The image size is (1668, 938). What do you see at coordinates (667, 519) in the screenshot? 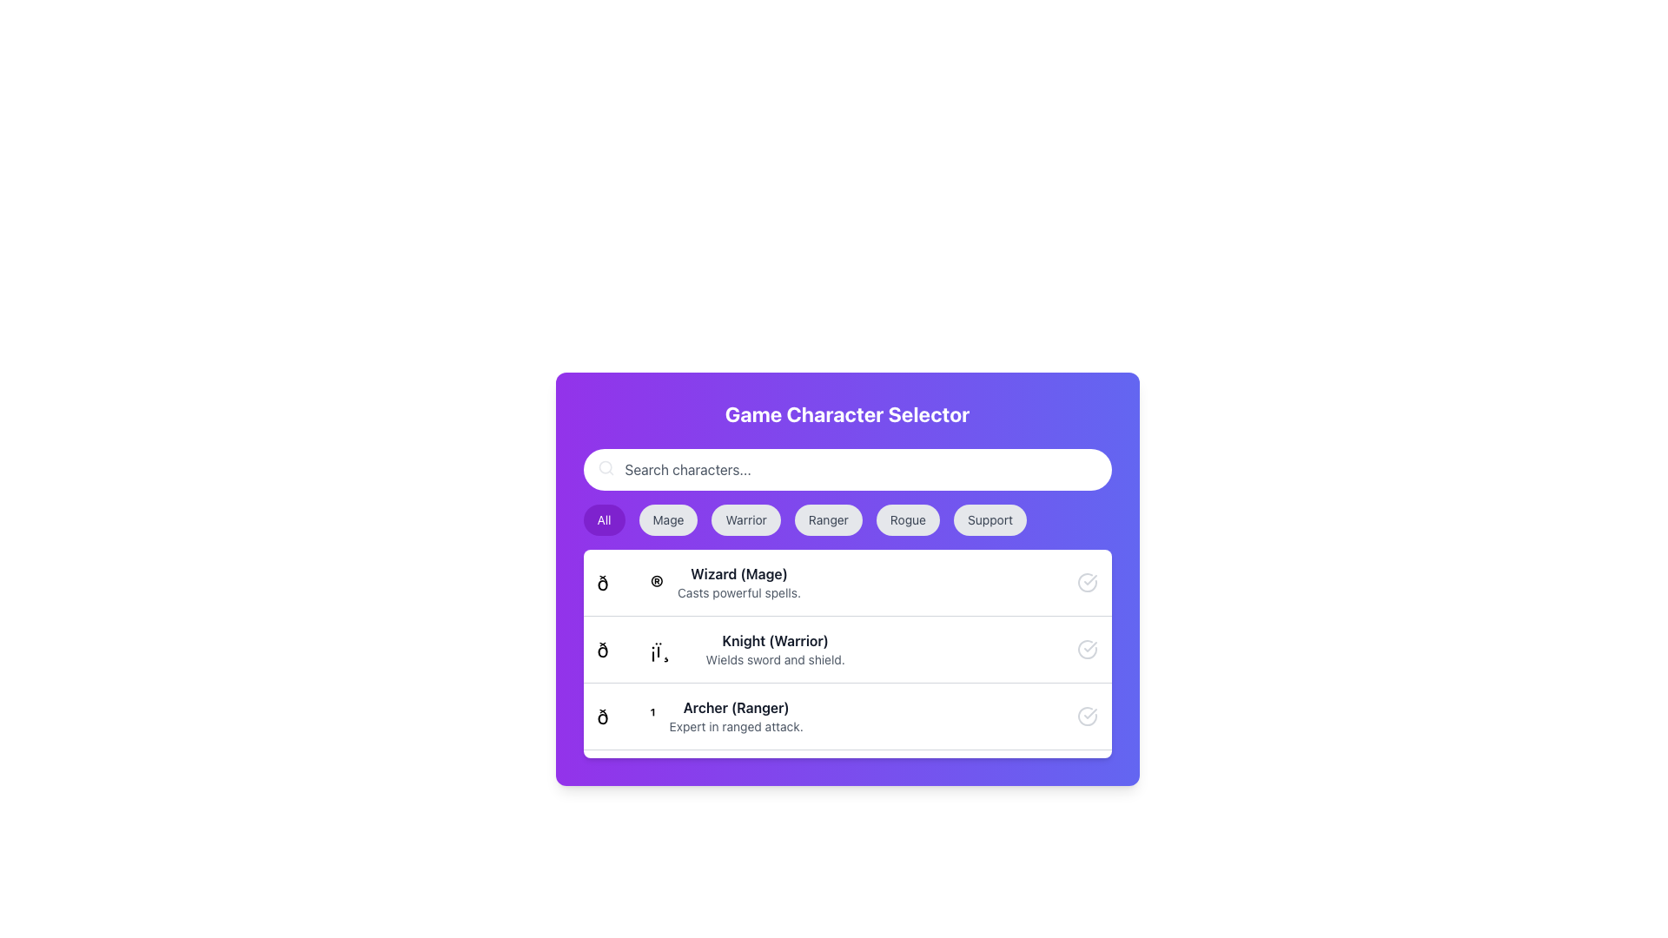
I see `the 'Mage' category selector button` at bounding box center [667, 519].